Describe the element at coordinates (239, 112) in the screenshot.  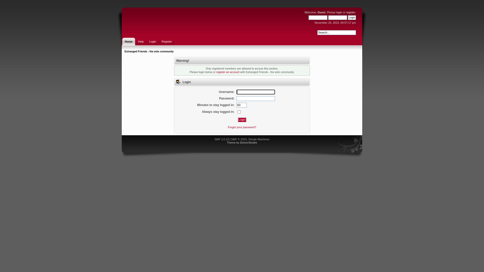
I see `'on'` at that location.